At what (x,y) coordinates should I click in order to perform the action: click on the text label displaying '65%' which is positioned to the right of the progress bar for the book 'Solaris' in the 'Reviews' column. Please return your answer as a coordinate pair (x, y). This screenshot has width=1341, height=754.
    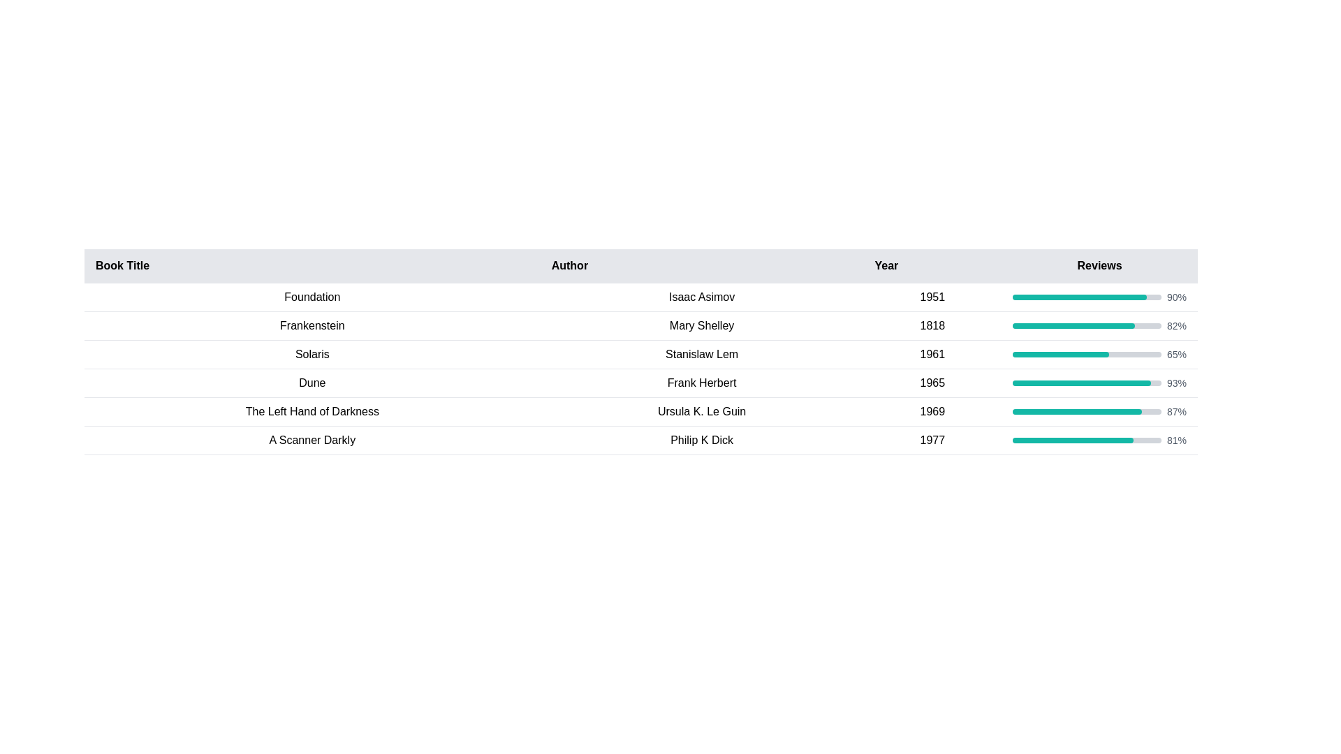
    Looking at the image, I should click on (1175, 354).